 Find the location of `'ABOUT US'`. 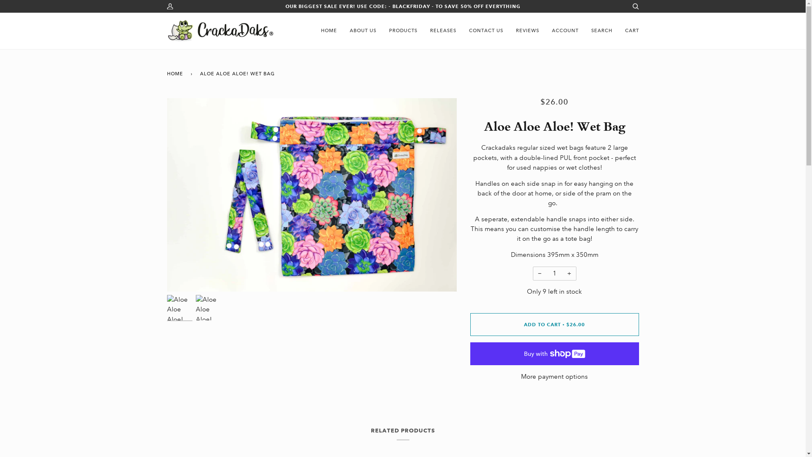

'ABOUT US' is located at coordinates (363, 30).